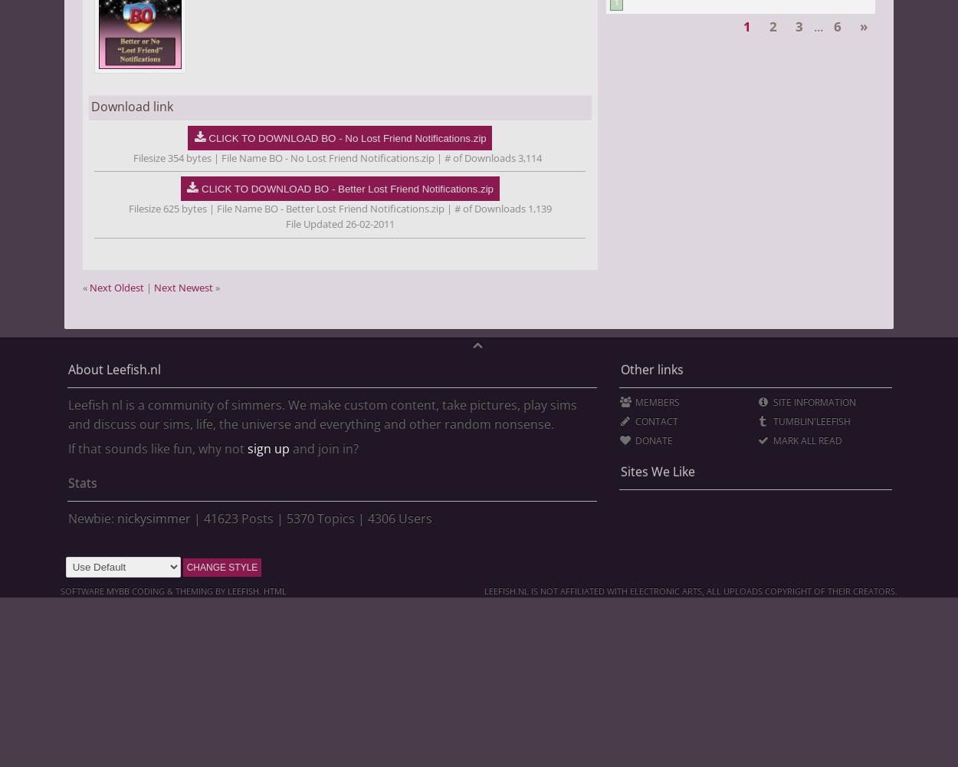  I want to click on 'Coding & theming by', so click(176, 590).